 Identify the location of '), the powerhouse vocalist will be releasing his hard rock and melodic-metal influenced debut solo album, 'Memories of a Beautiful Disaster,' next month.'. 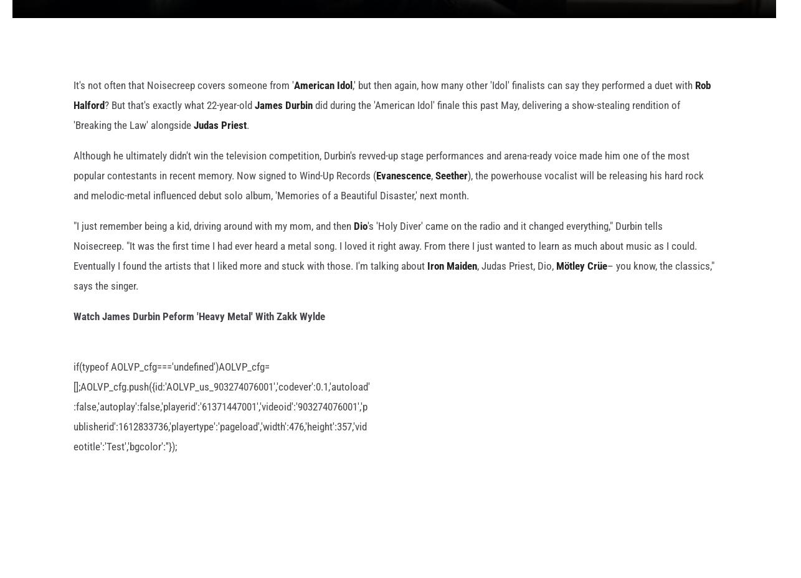
(387, 204).